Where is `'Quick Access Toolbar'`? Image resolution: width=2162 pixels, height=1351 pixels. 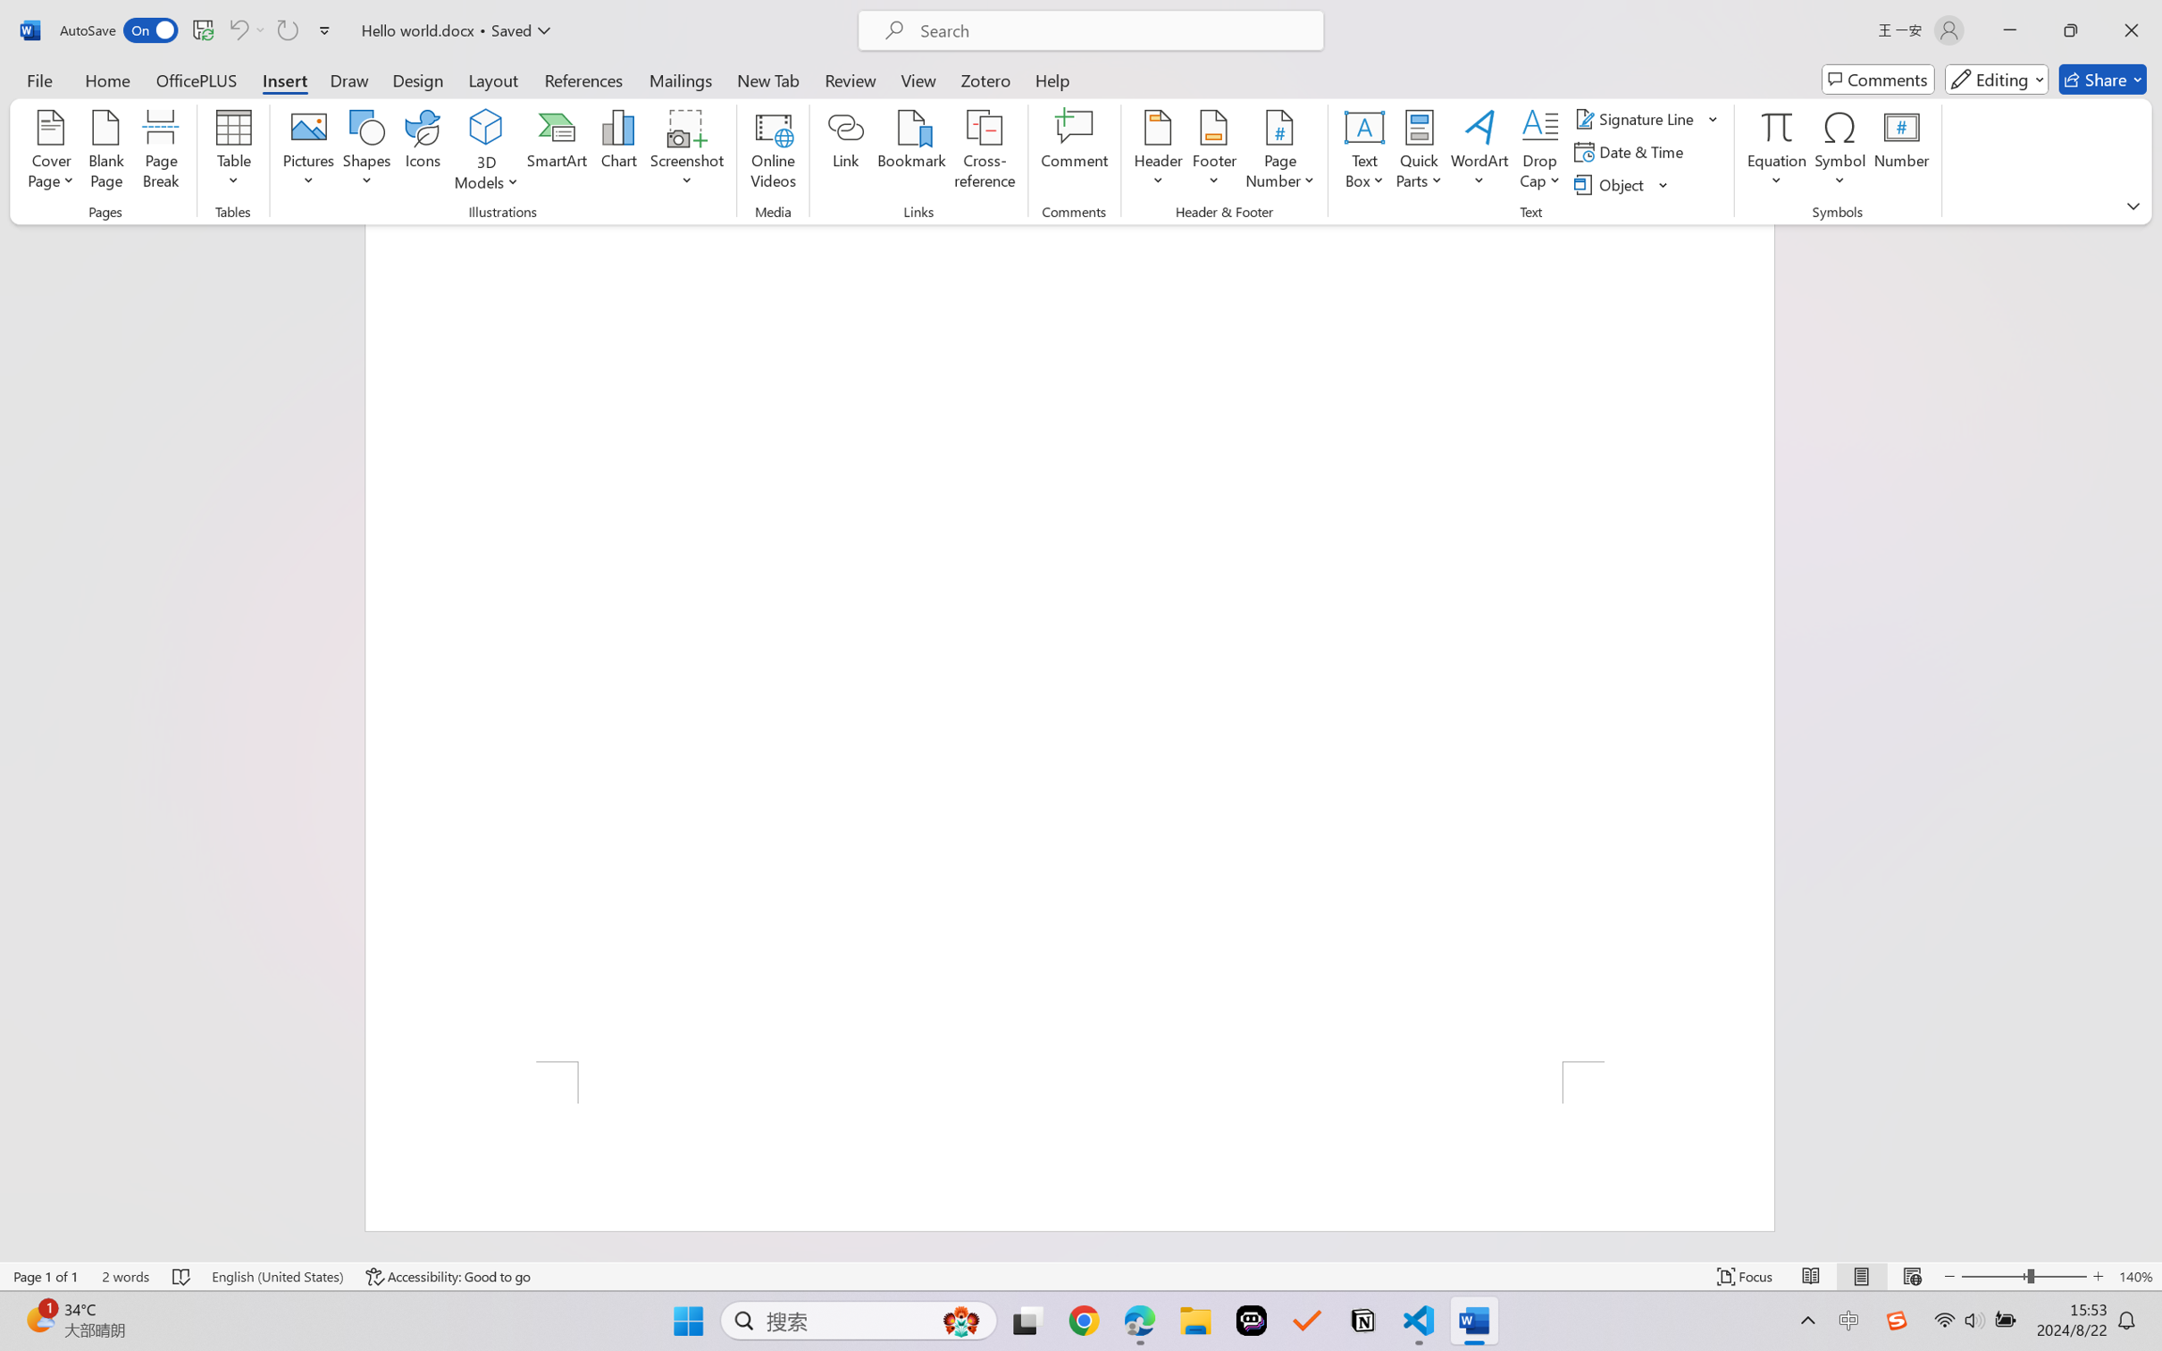 'Quick Access Toolbar' is located at coordinates (198, 29).